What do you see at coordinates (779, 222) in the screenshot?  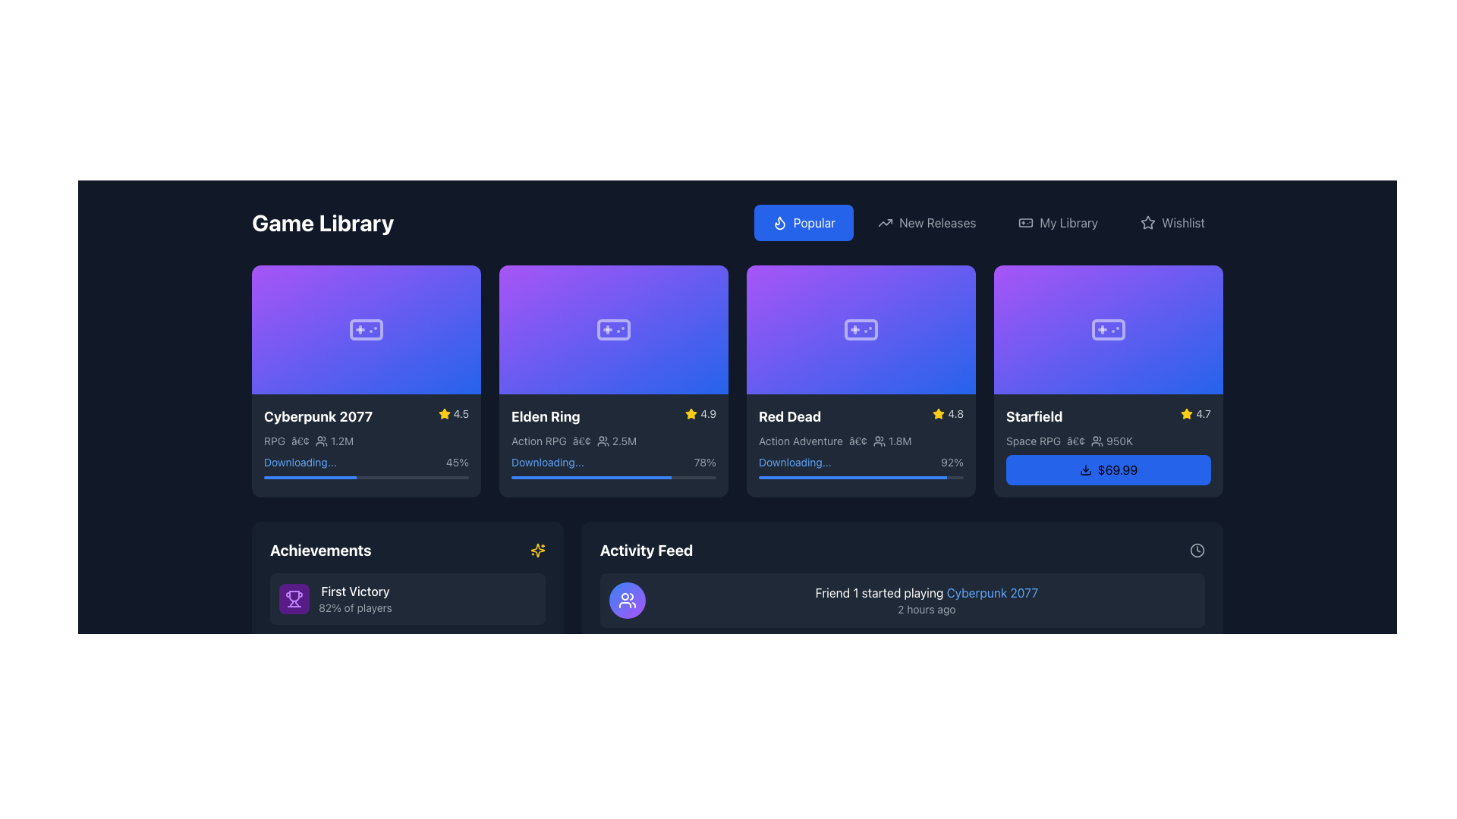 I see `the flame-shaped icon located on the left section of the blue 'Popular' button at the top of the interface` at bounding box center [779, 222].